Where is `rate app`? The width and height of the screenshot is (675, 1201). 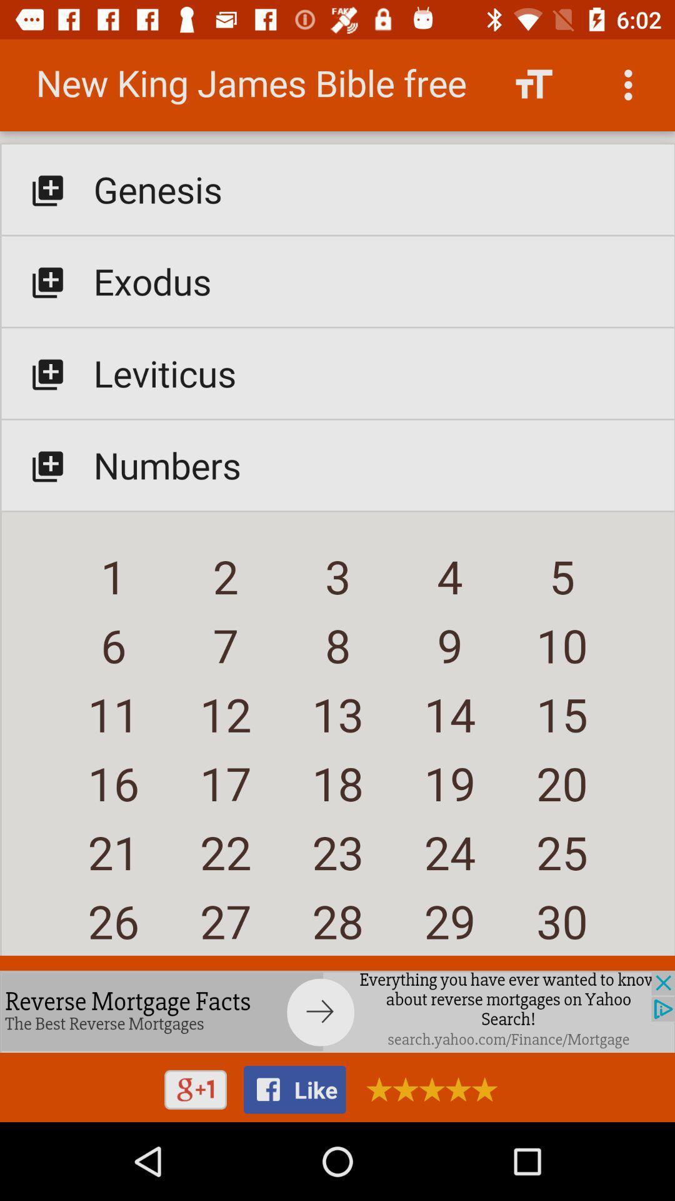
rate app is located at coordinates (427, 1088).